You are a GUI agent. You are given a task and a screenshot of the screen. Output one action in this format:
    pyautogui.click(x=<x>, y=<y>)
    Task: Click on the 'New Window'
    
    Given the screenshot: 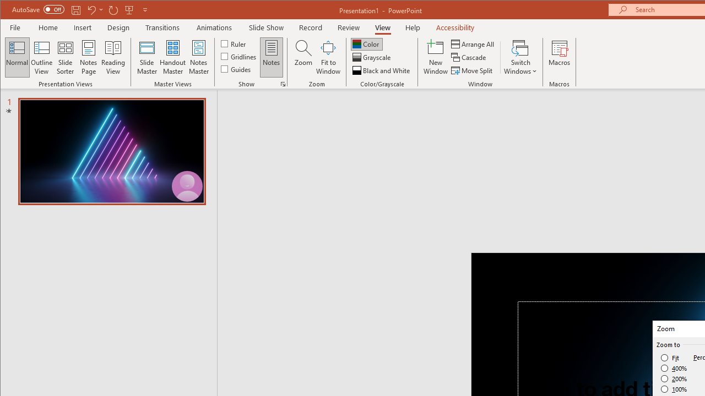 What is the action you would take?
    pyautogui.click(x=435, y=57)
    